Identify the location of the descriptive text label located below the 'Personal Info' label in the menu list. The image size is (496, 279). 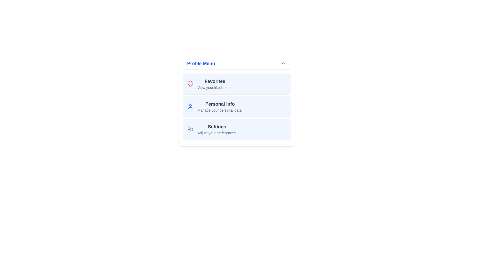
(220, 110).